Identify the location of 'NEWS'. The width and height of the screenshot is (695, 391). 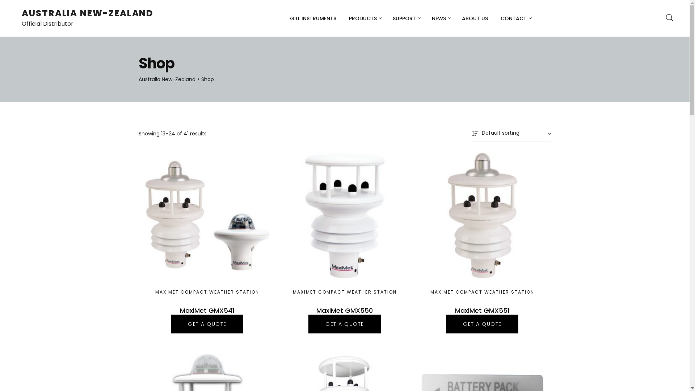
(440, 18).